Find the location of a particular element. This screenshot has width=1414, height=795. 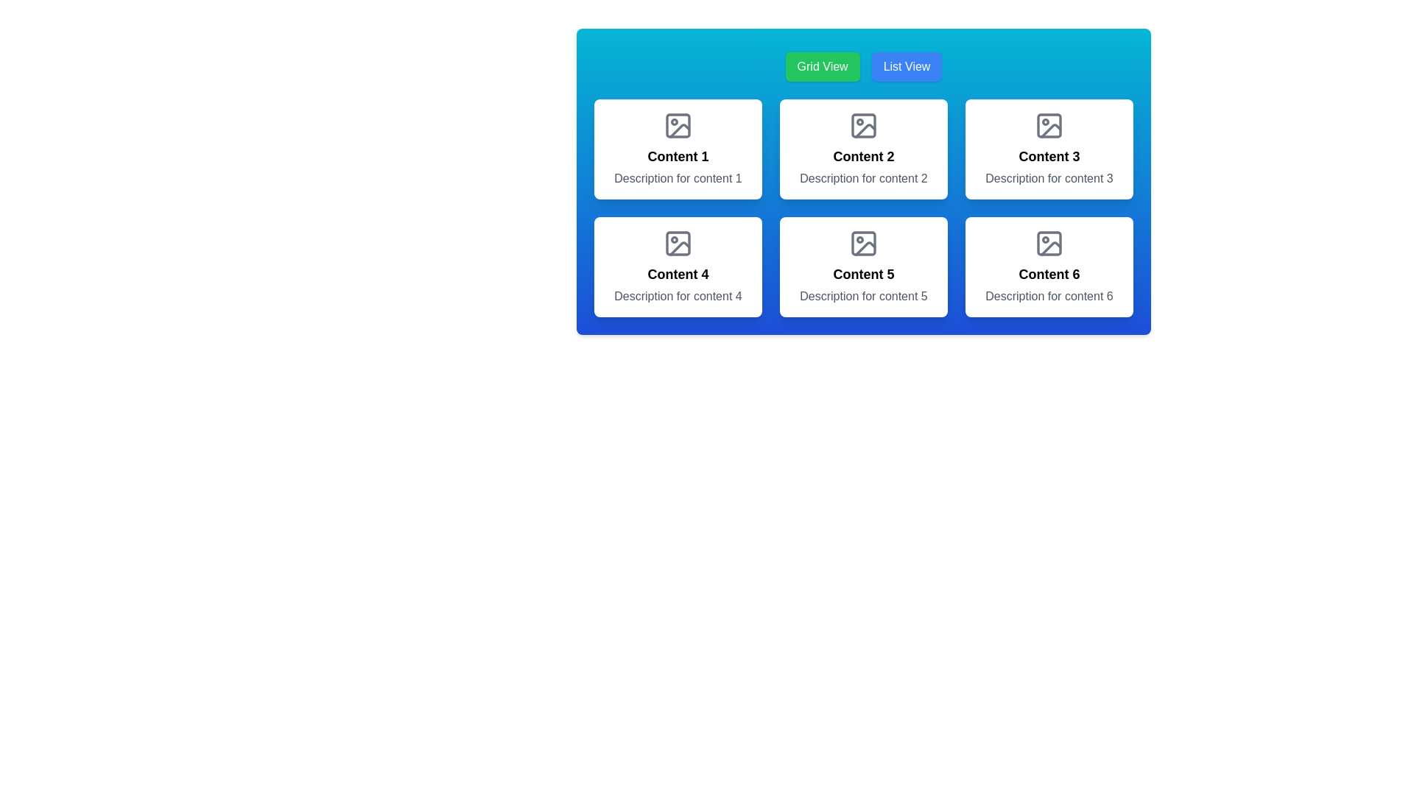

the vector graphic element within the 'Content 3' card that is styled as part of an icon, located near the top-left of the card's image placeholder is located at coordinates (1049, 124).